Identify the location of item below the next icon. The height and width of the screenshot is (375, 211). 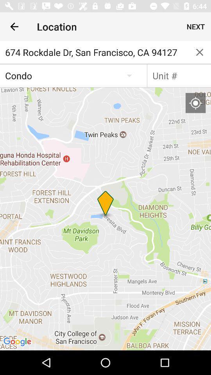
(200, 52).